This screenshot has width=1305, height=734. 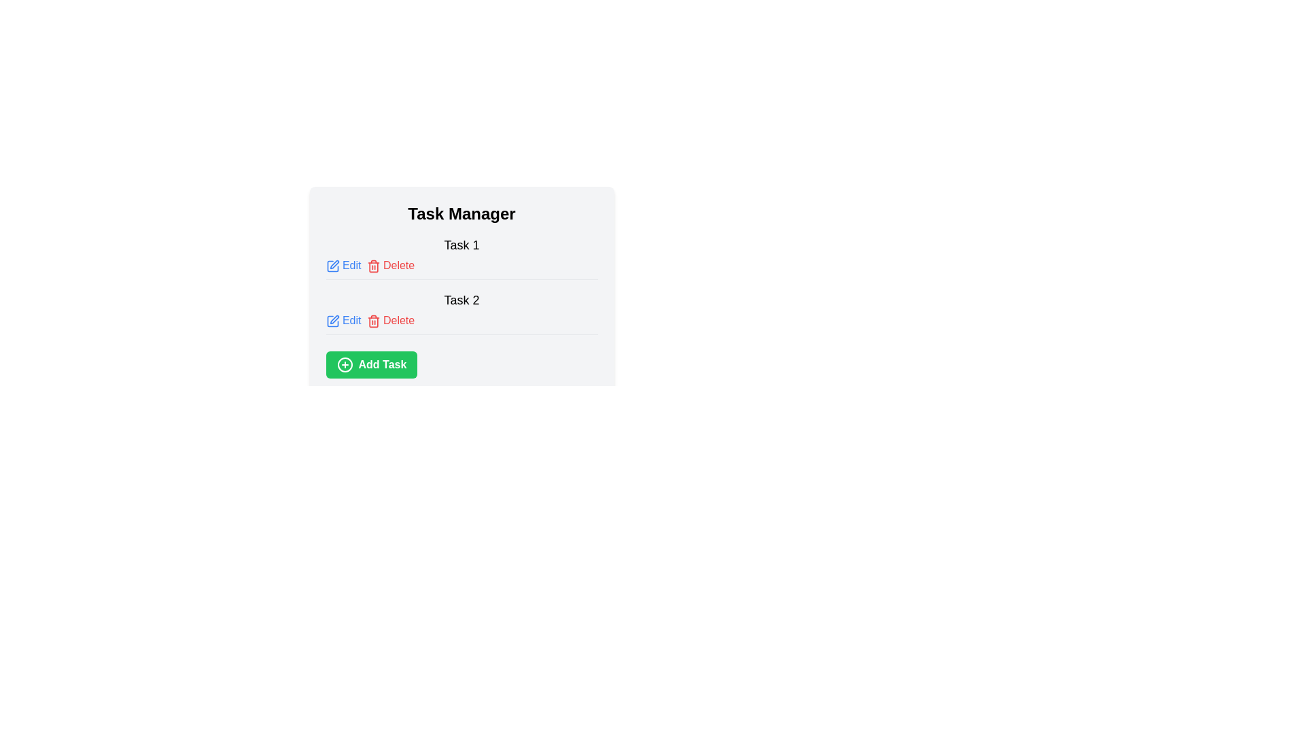 What do you see at coordinates (332, 266) in the screenshot?
I see `the edit icon (SVG) associated with 'Task 1' for visual feedback` at bounding box center [332, 266].